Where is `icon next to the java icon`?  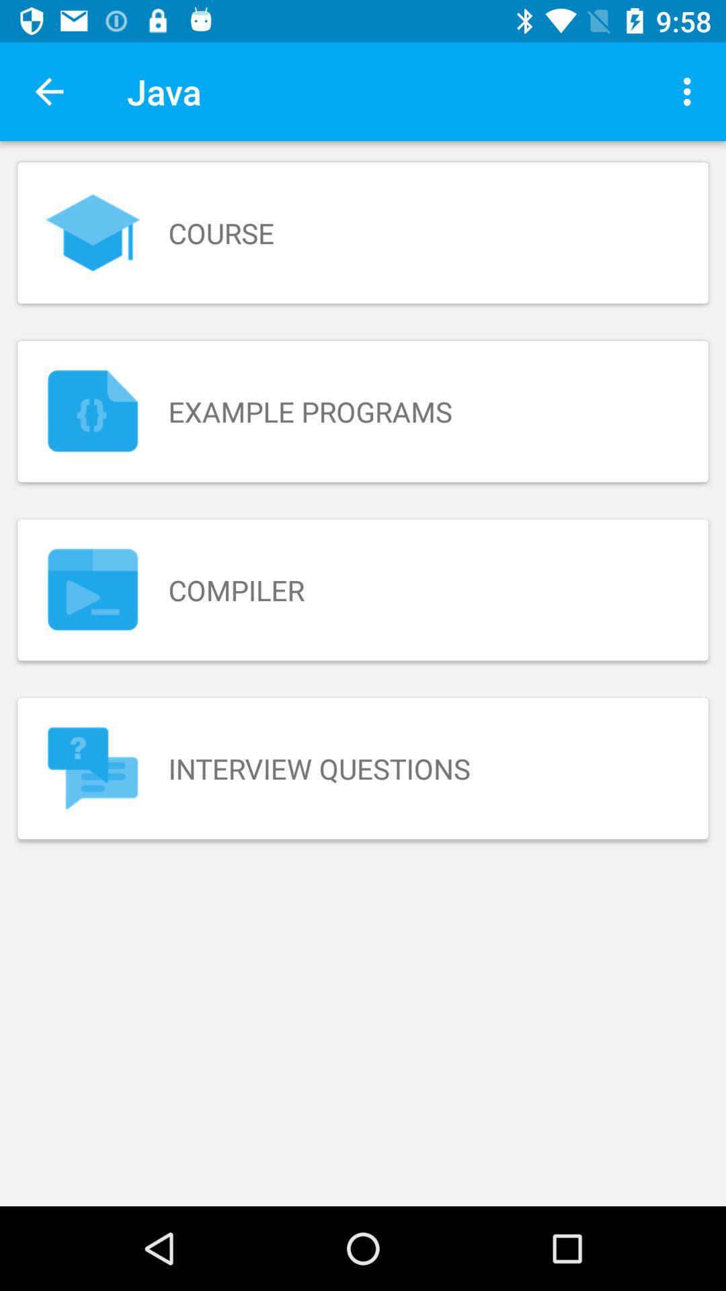 icon next to the java icon is located at coordinates (690, 91).